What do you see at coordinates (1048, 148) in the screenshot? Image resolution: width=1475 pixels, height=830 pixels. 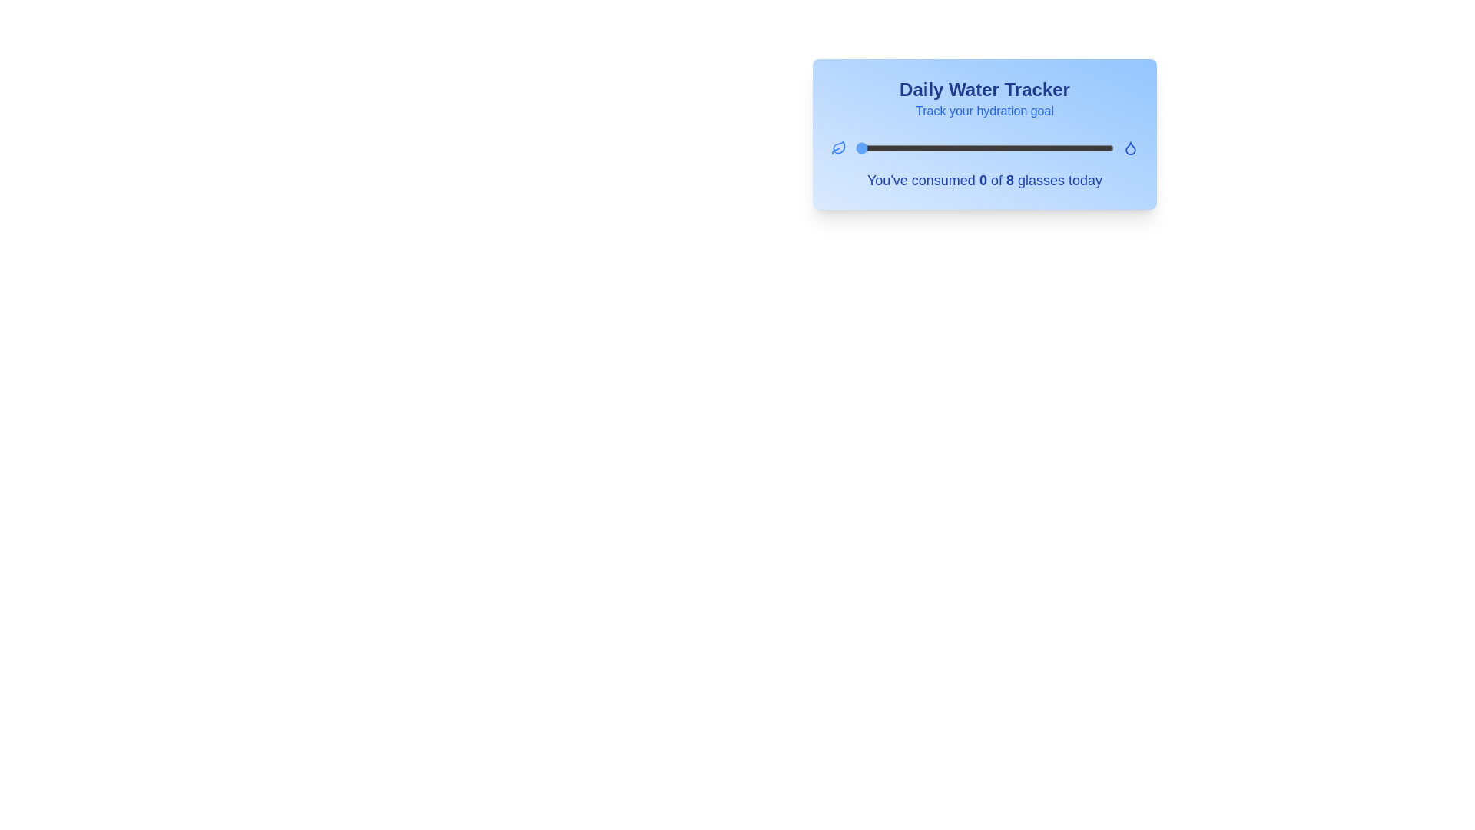 I see `the water intake slider to set the water consumption to 6 glasses` at bounding box center [1048, 148].